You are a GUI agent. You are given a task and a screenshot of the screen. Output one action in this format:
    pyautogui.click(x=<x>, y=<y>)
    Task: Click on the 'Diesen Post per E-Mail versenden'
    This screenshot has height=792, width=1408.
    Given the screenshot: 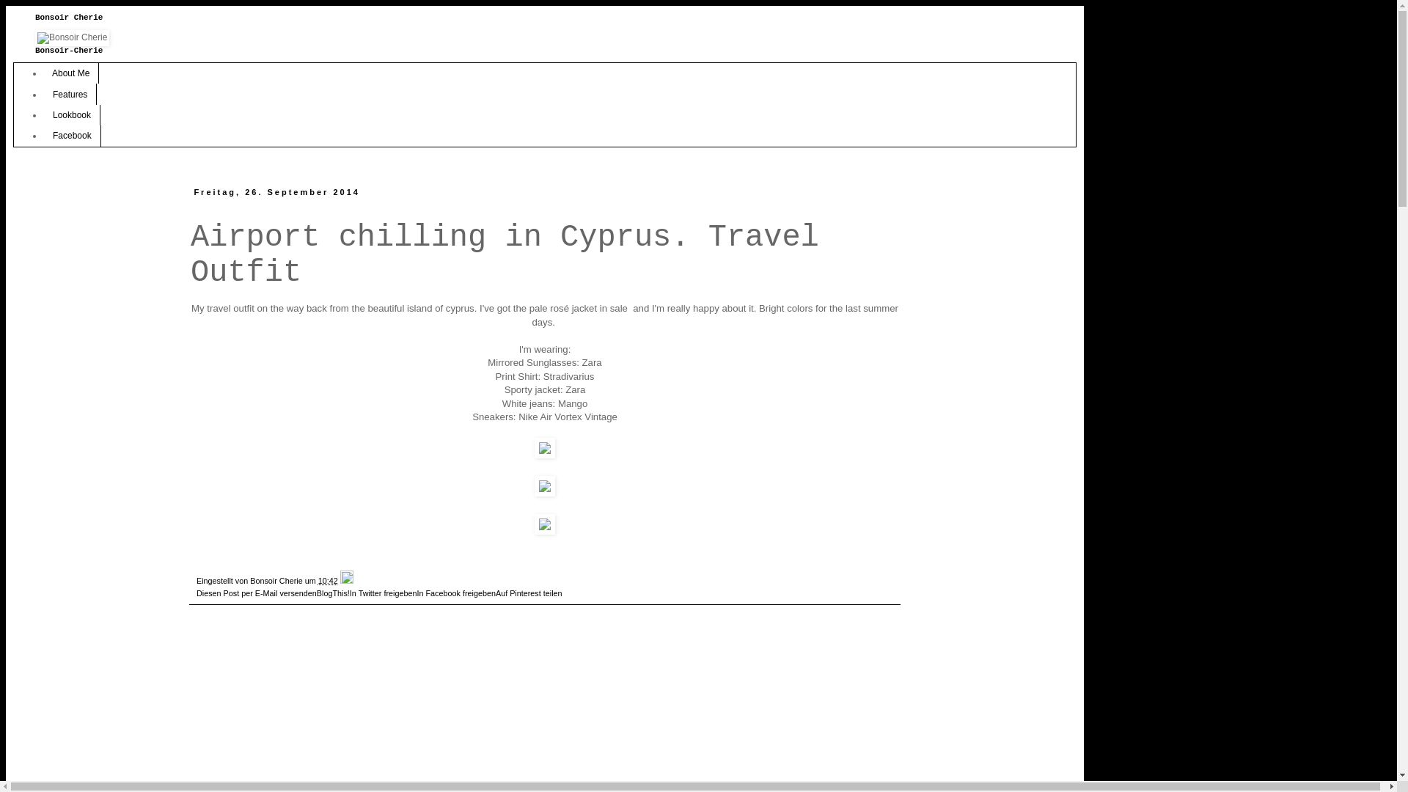 What is the action you would take?
    pyautogui.click(x=257, y=593)
    